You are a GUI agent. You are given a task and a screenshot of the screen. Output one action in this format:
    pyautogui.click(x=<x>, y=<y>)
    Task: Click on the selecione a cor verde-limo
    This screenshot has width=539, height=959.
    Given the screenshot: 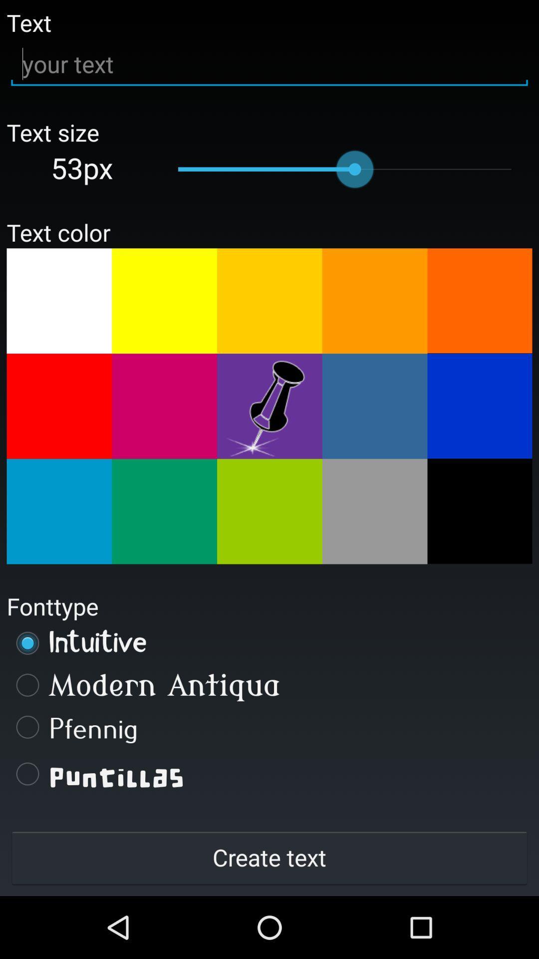 What is the action you would take?
    pyautogui.click(x=269, y=511)
    